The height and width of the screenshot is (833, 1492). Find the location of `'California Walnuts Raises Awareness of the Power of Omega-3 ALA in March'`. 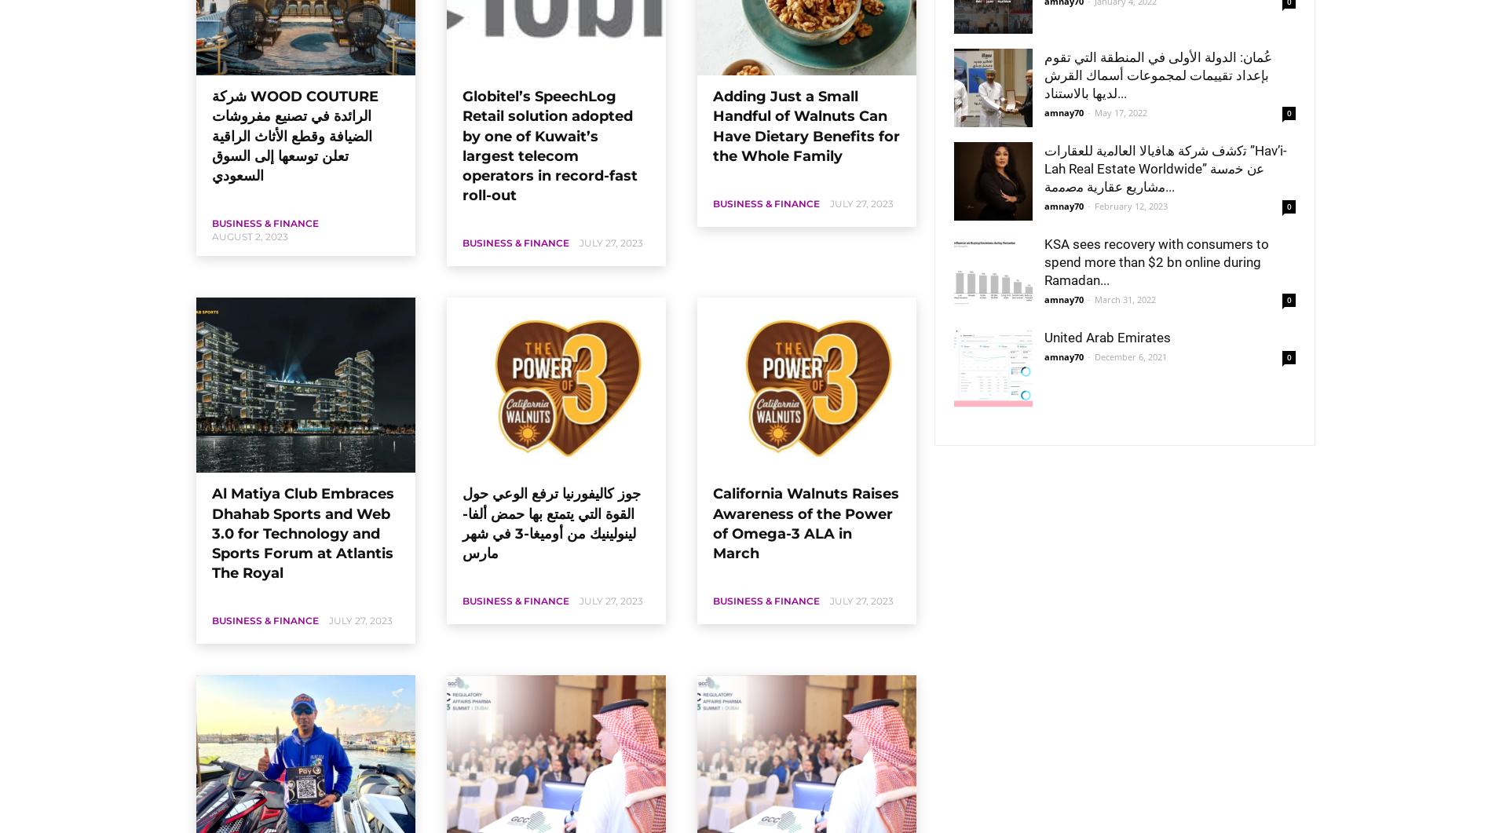

'California Walnuts Raises Awareness of the Power of Omega-3 ALA in March' is located at coordinates (806, 523).